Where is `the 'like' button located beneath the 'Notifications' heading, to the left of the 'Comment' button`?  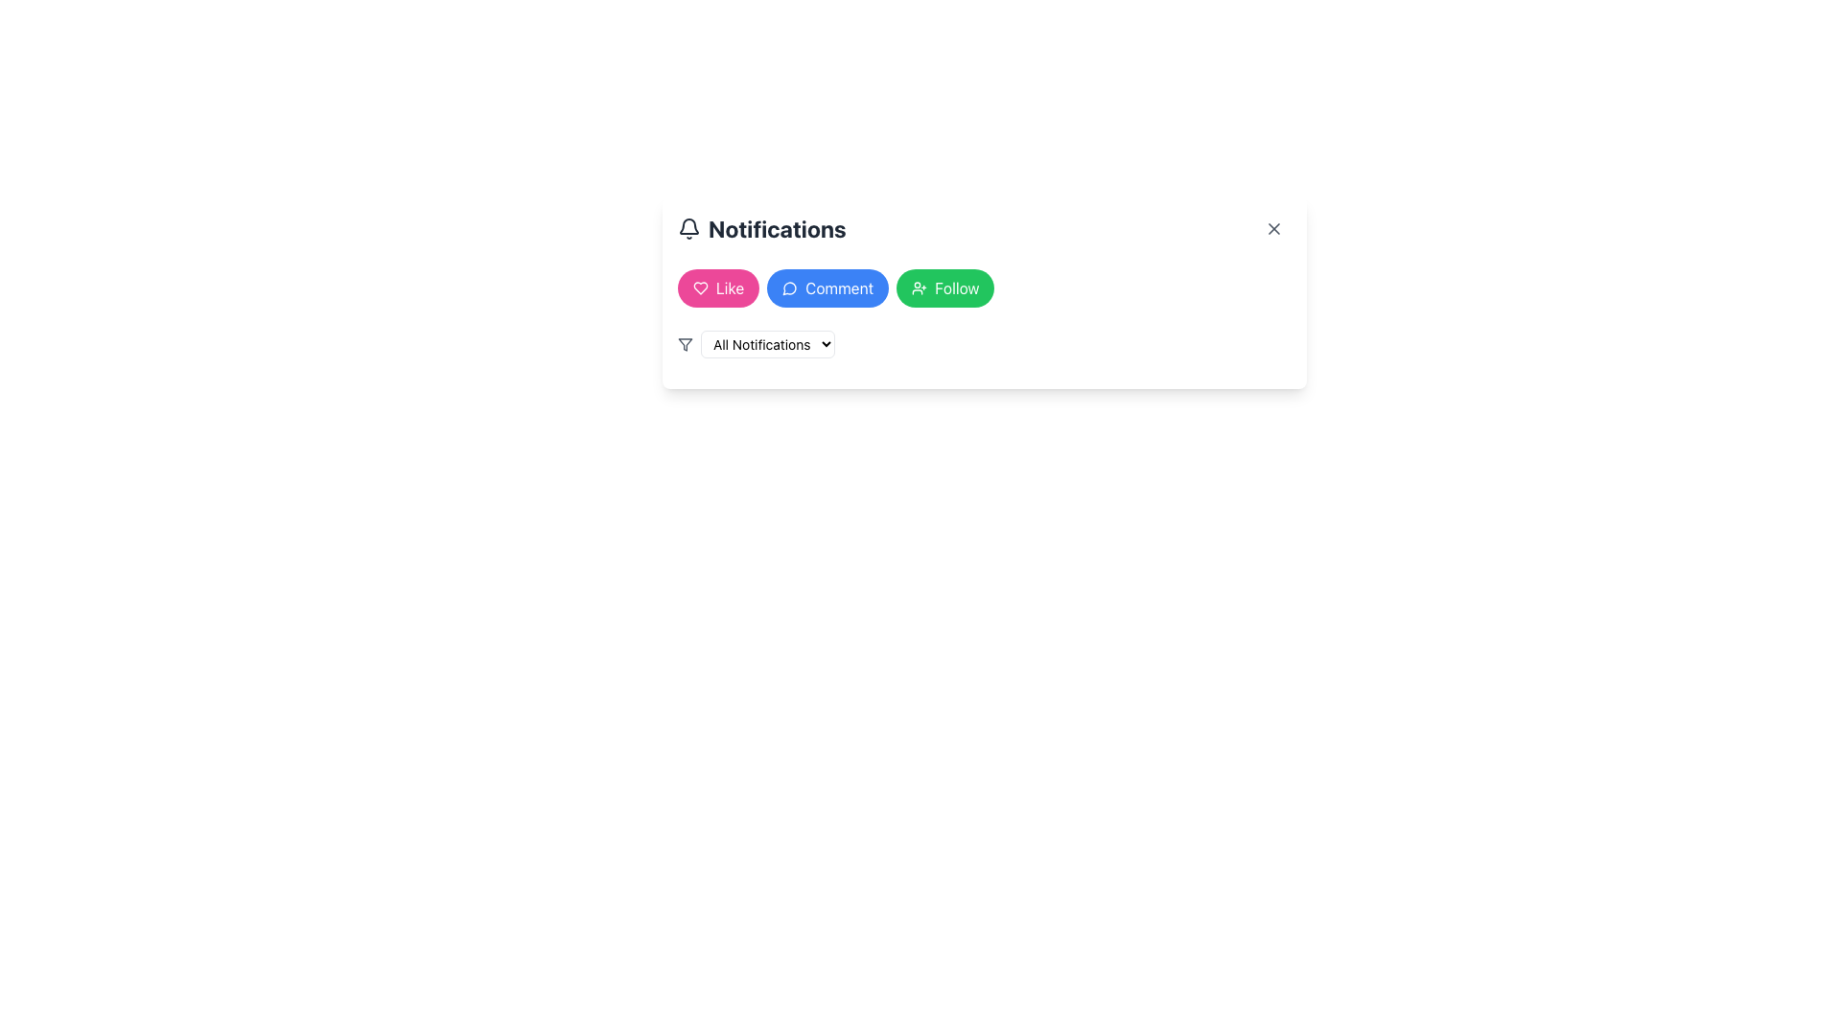
the 'like' button located beneath the 'Notifications' heading, to the left of the 'Comment' button is located at coordinates (717, 287).